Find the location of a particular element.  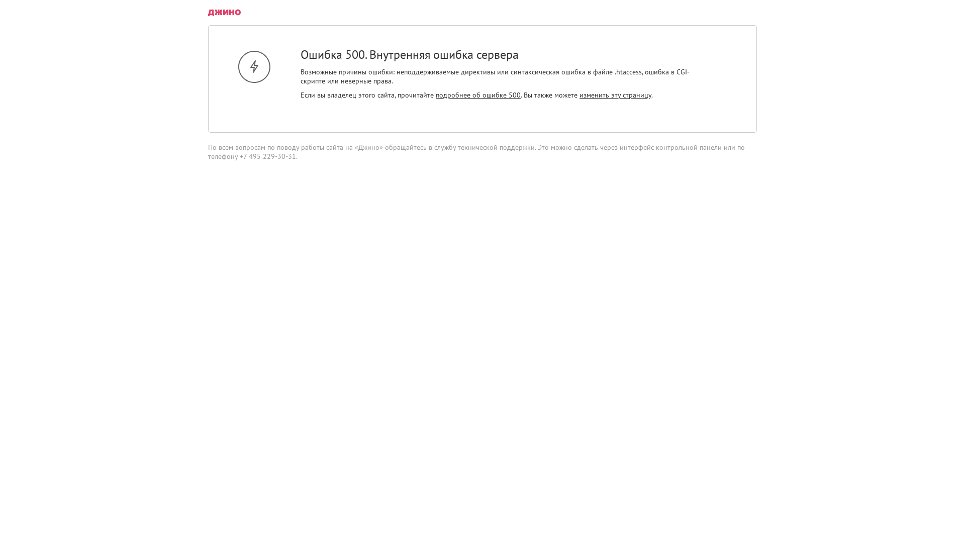

'+7 495 229-30-31' is located at coordinates (267, 156).